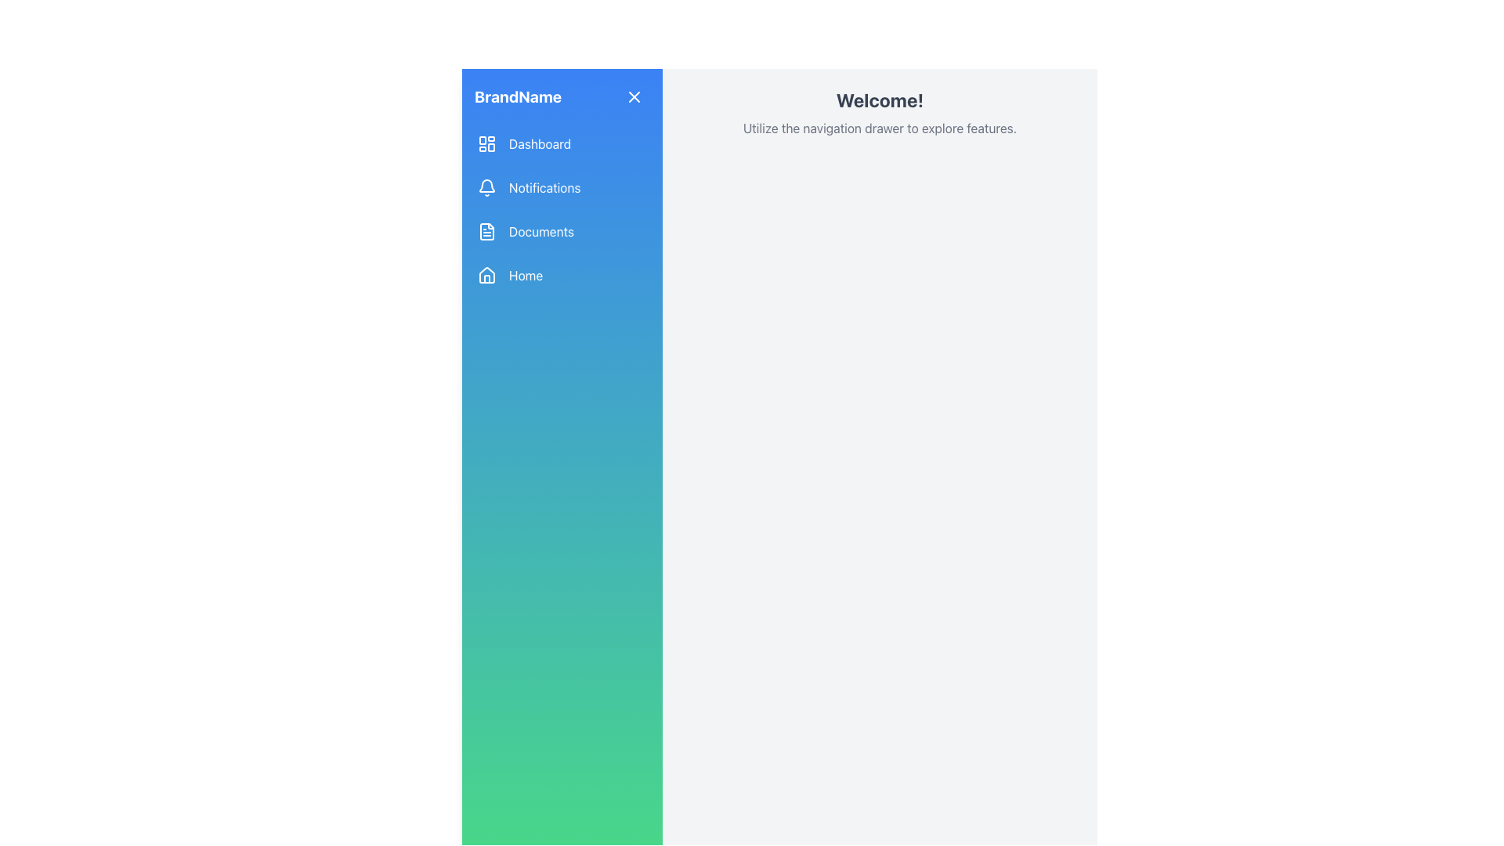  What do you see at coordinates (486, 274) in the screenshot?
I see `the house icon in the blue gradient sidebar` at bounding box center [486, 274].